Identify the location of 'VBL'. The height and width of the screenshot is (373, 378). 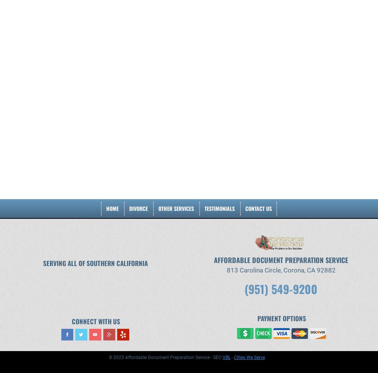
(226, 357).